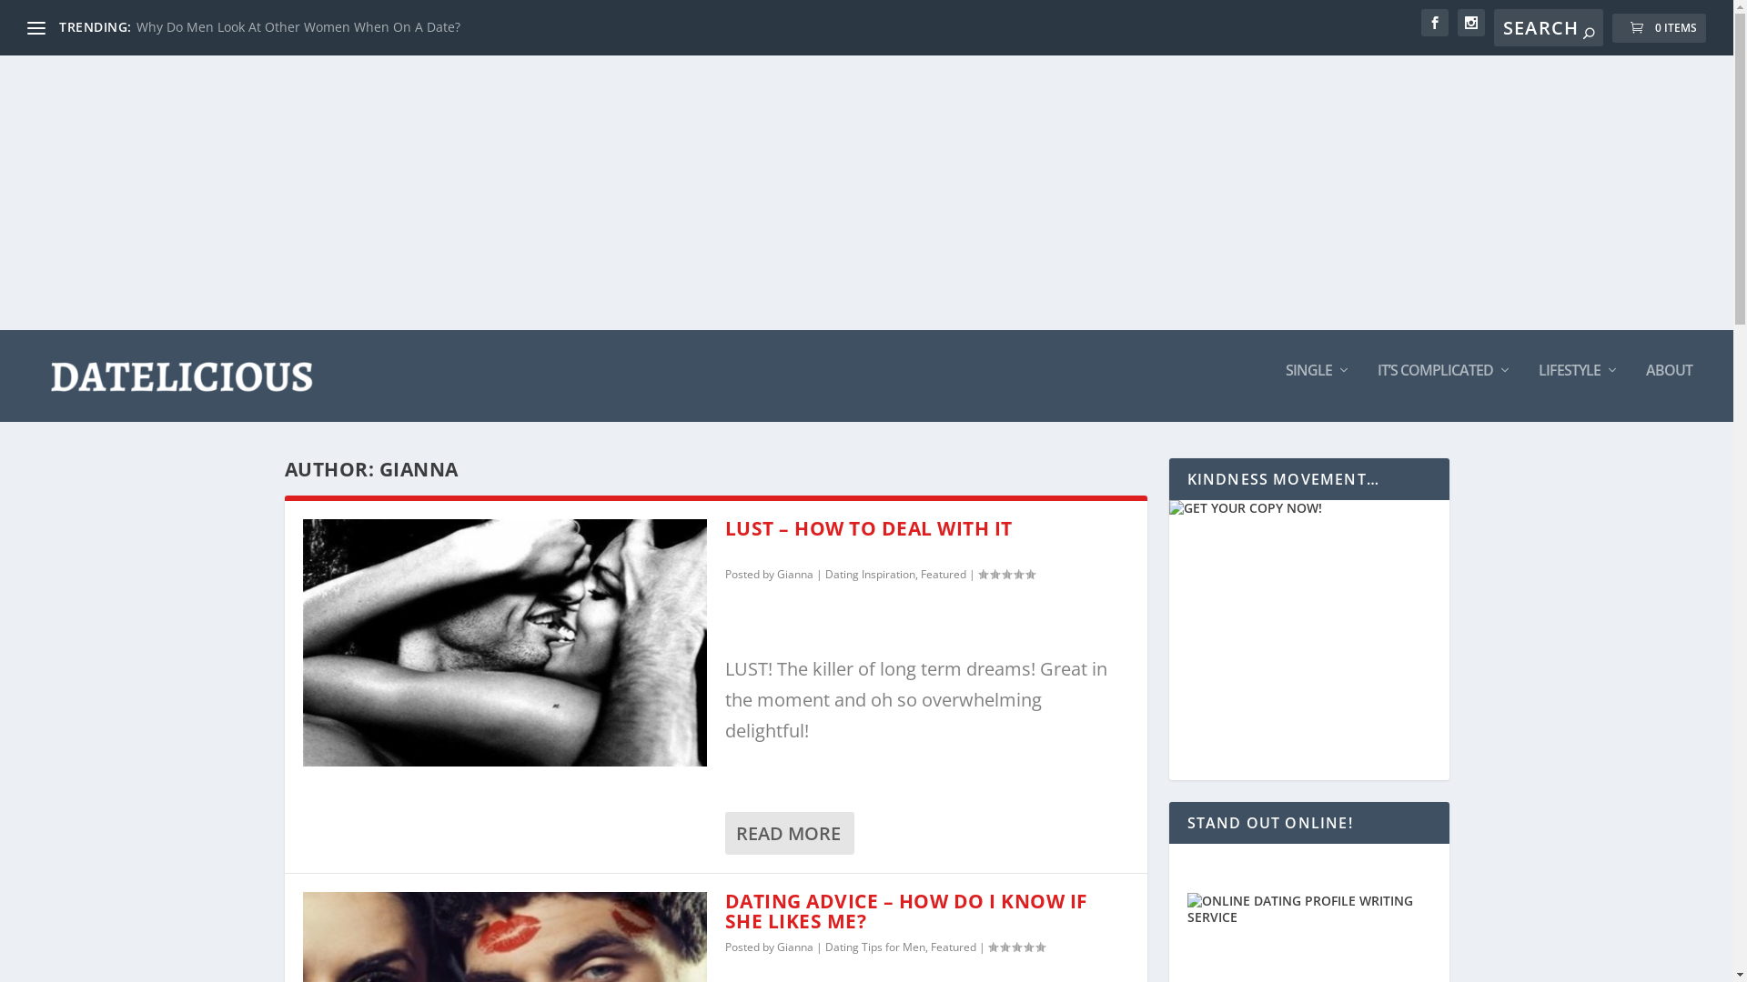  What do you see at coordinates (868, 574) in the screenshot?
I see `'Dating Inspiration'` at bounding box center [868, 574].